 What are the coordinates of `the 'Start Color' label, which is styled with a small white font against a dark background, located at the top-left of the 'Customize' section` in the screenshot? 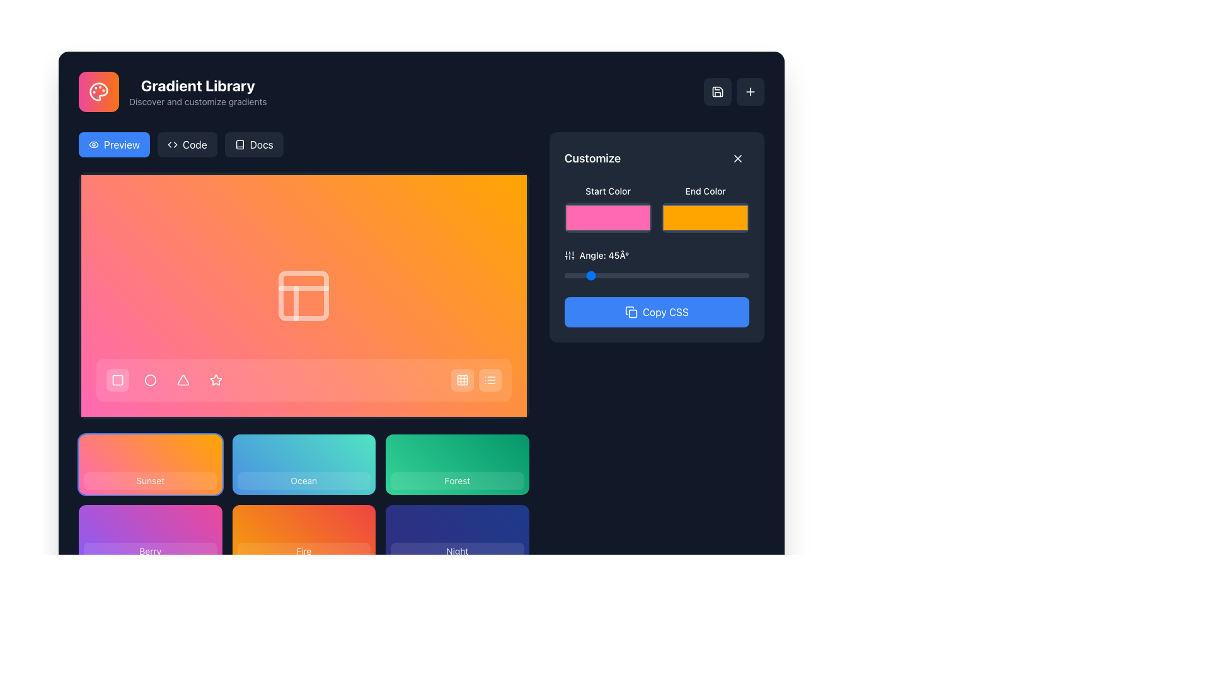 It's located at (608, 191).